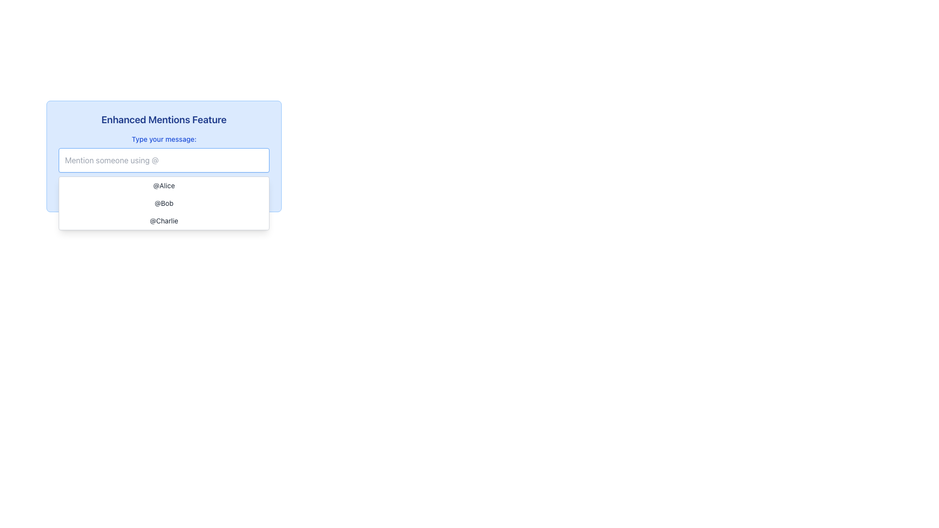  Describe the element at coordinates (164, 203) in the screenshot. I see `to select the suggestion '@Bob' from the dropdown suggestion list positioned below the input field labeled 'Mention someone using @'` at that location.